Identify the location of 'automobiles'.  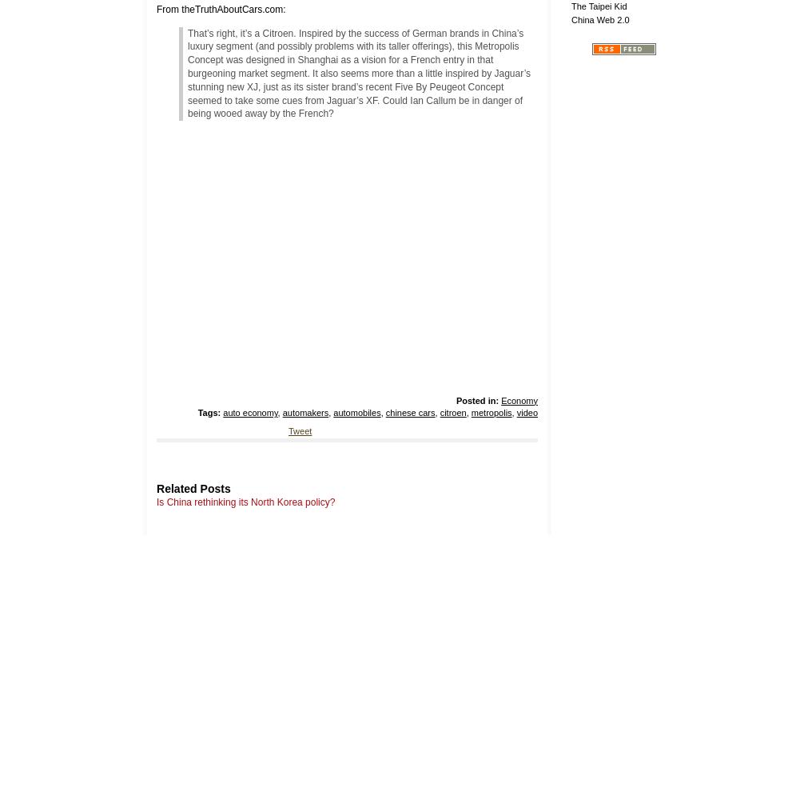
(332, 413).